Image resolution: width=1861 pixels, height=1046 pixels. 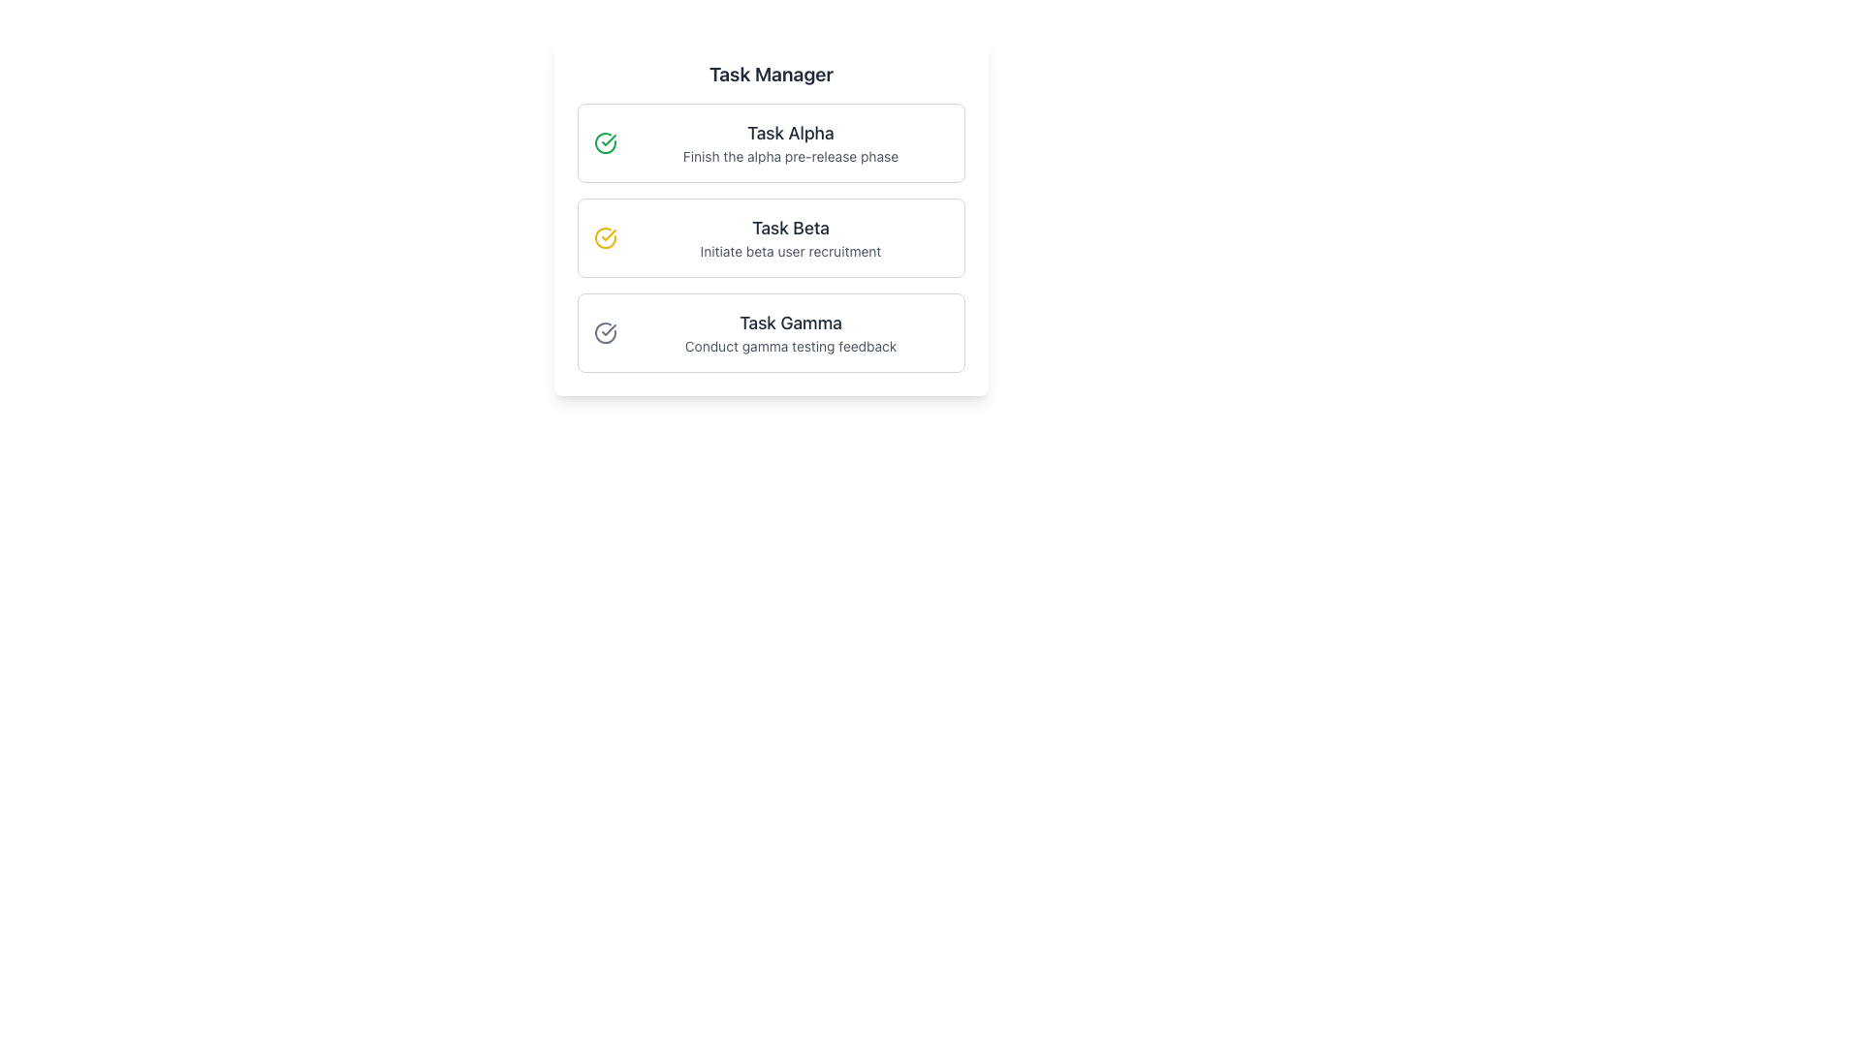 I want to click on contents of the text block titled 'Task Alpha', which contains the subtitle 'Finish the alpha pre-release phase', so click(x=791, y=141).